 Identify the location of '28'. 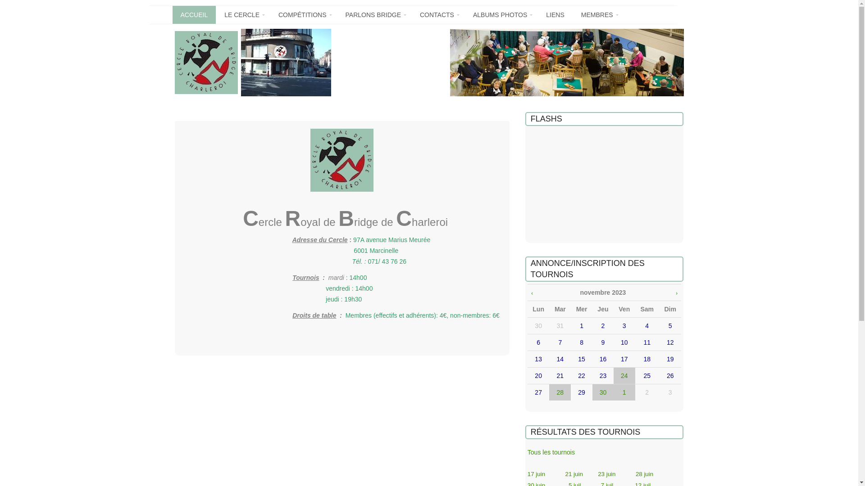
(560, 391).